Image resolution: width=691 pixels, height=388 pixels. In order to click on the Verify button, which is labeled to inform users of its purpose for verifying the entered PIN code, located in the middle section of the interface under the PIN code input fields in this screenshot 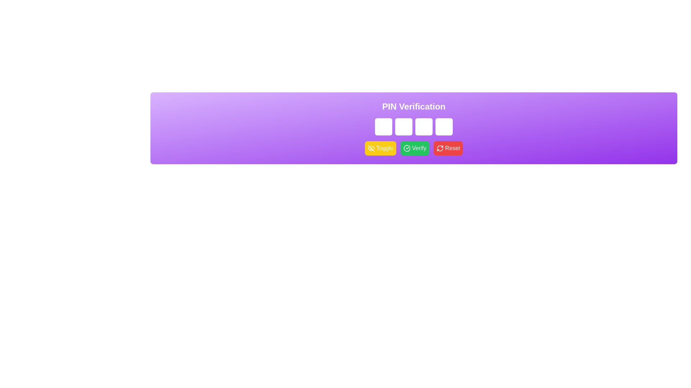, I will do `click(419, 148)`.